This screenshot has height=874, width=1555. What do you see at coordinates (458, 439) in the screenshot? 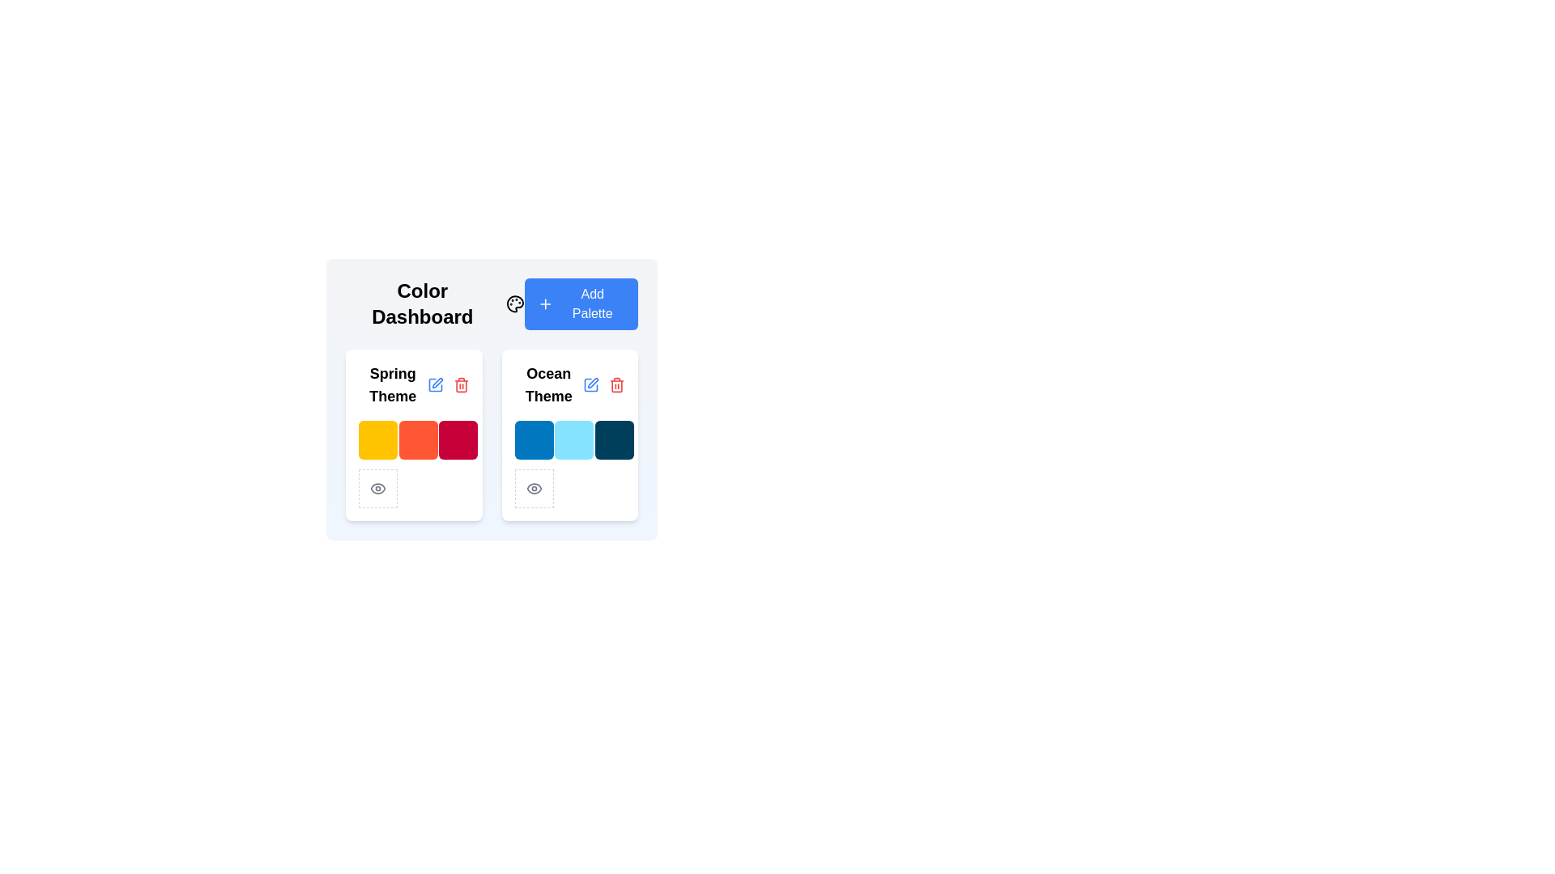
I see `the third color swatch in the horizontal row within the 'Spring Theme' card, which is used for color selection or representation` at bounding box center [458, 439].